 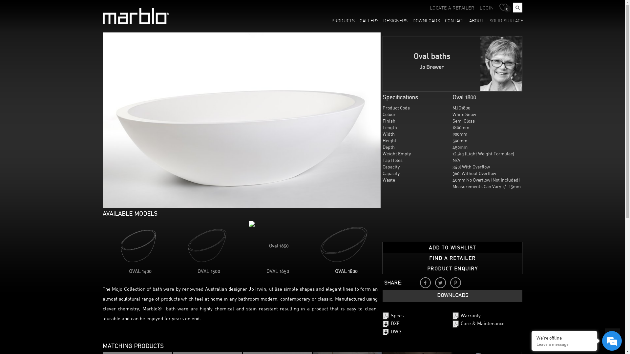 I want to click on 'DESIGNERS', so click(x=395, y=21).